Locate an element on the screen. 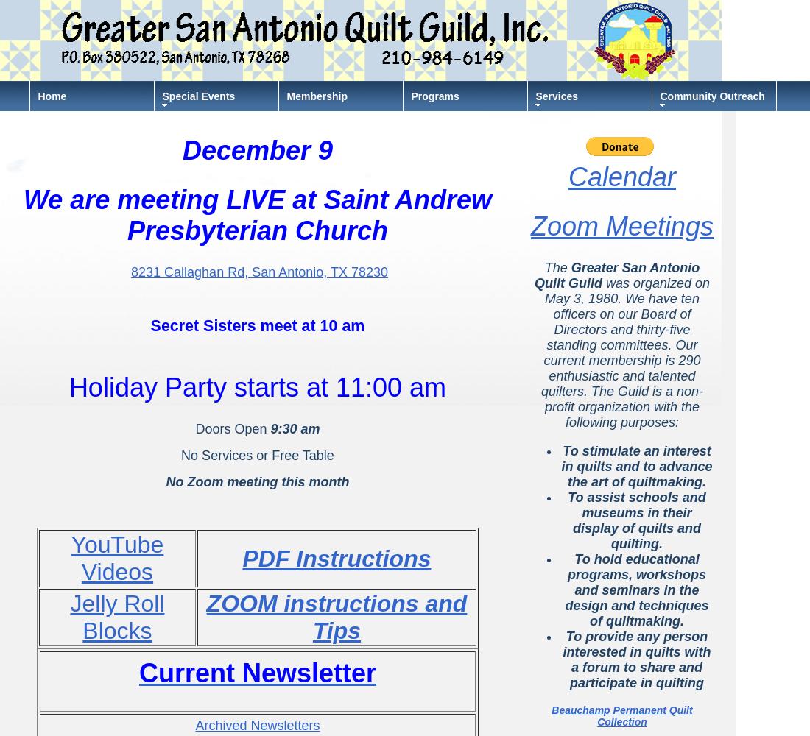 The height and width of the screenshot is (736, 810). 'December 9' is located at coordinates (257, 149).